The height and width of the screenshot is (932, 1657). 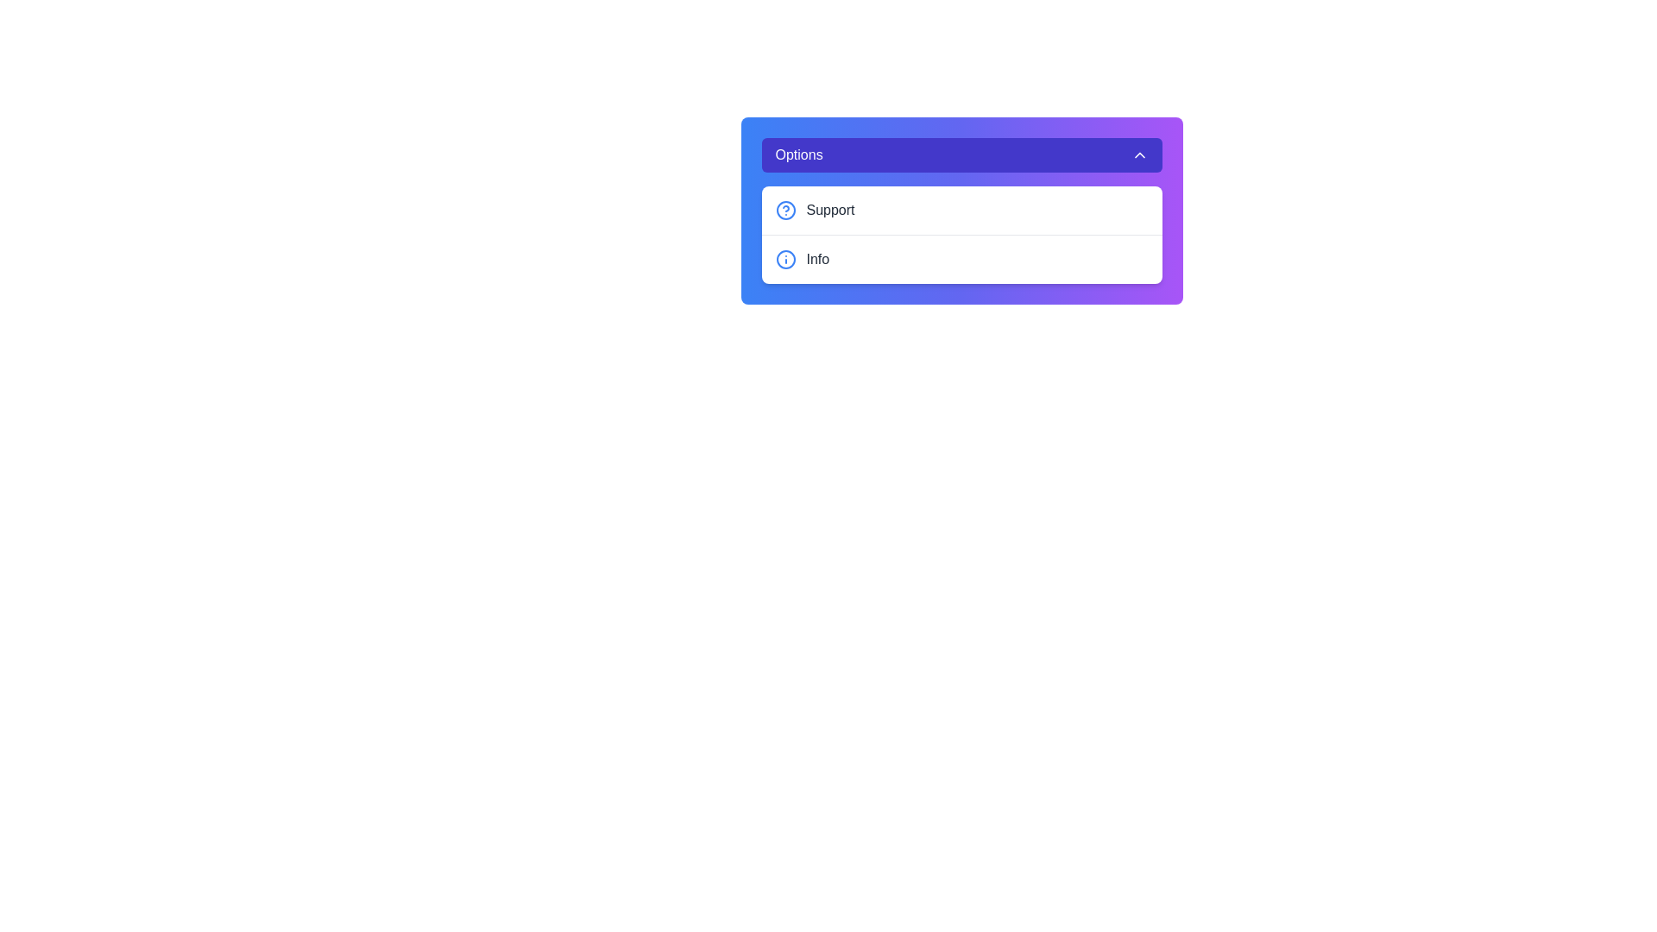 I want to click on the rectangular 'Options' button with a gradient indigo background and rounded corners, so click(x=961, y=155).